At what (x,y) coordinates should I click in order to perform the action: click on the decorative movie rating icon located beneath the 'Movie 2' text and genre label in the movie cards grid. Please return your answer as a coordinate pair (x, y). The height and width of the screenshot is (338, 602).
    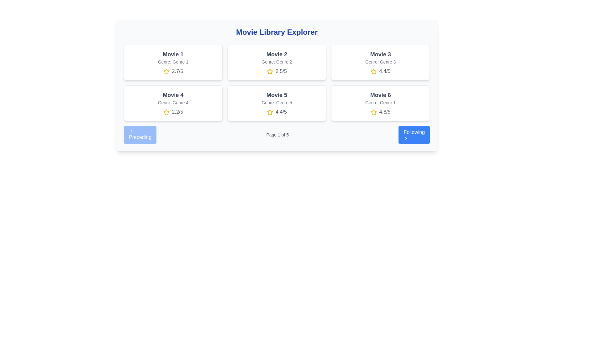
    Looking at the image, I should click on (270, 71).